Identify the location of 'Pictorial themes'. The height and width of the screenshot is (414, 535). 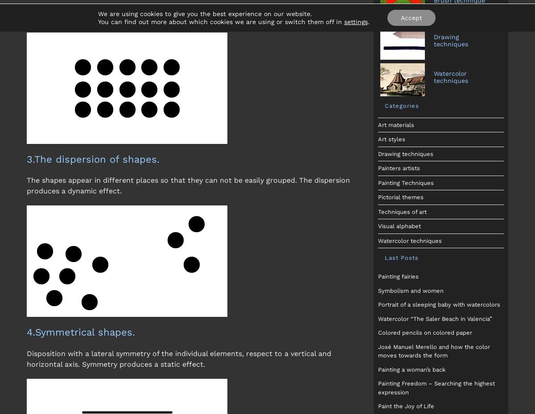
(399, 197).